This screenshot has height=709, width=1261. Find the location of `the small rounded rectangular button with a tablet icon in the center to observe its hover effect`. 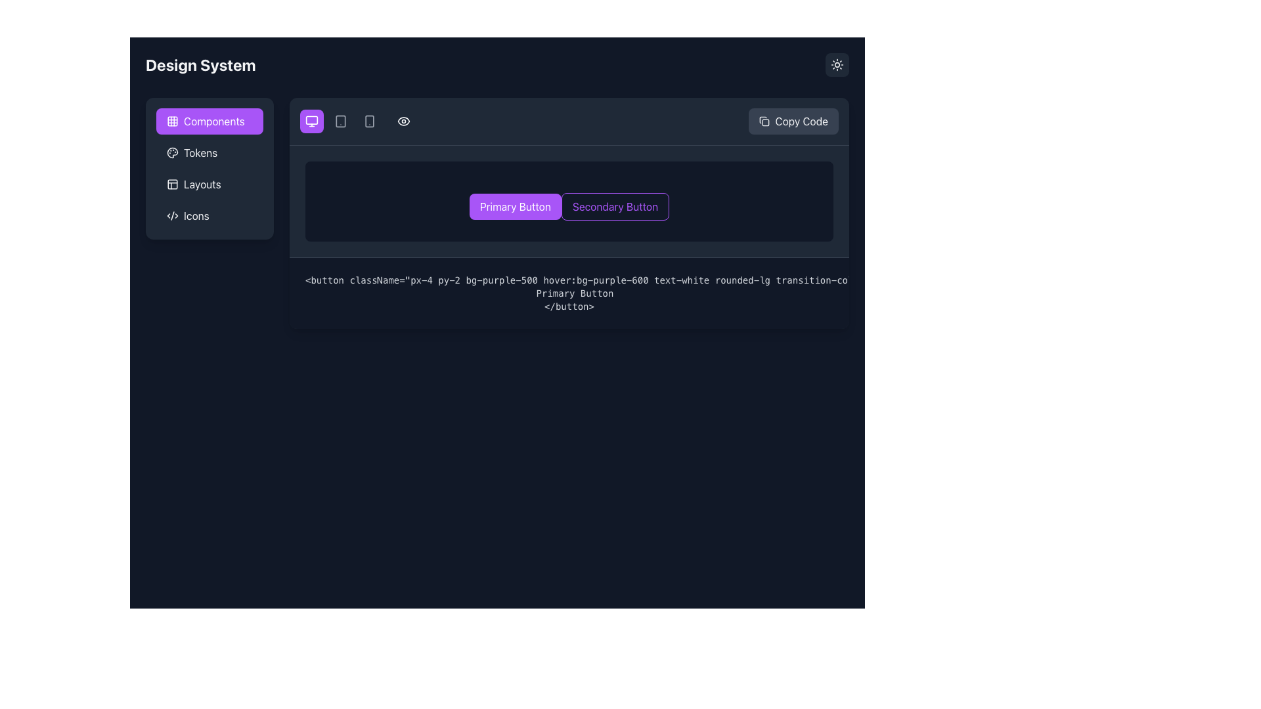

the small rounded rectangular button with a tablet icon in the center to observe its hover effect is located at coordinates (340, 121).